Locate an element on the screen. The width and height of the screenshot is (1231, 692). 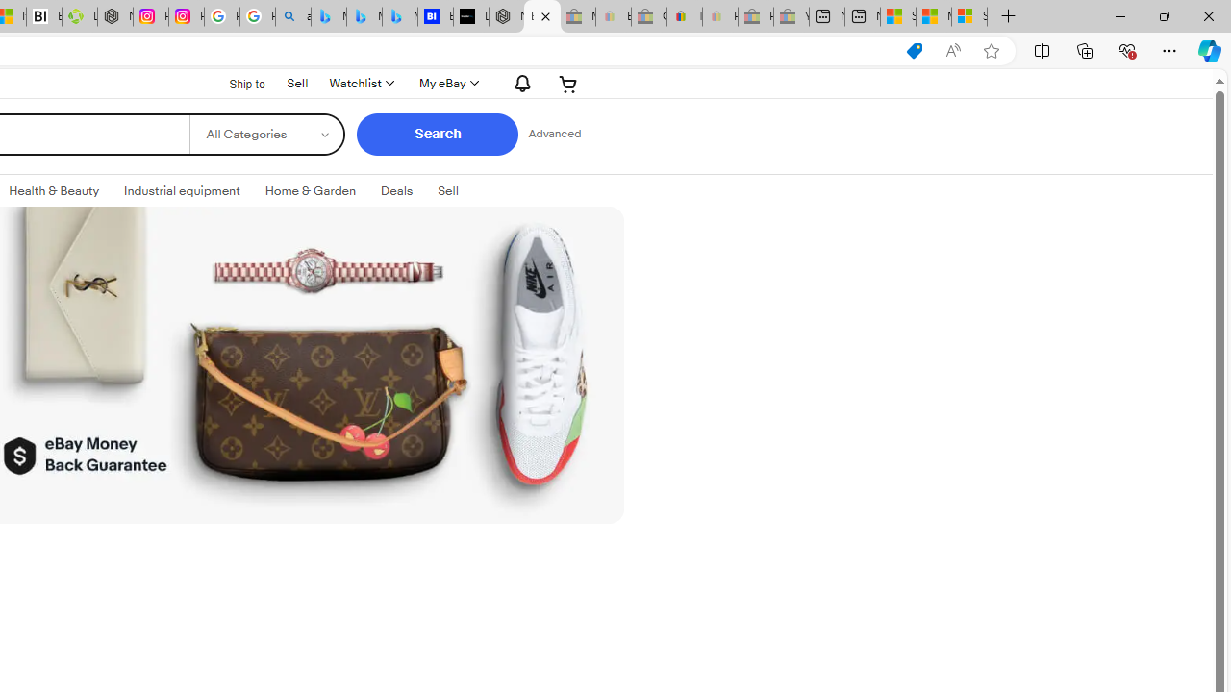
'Watchlist' is located at coordinates (361, 83).